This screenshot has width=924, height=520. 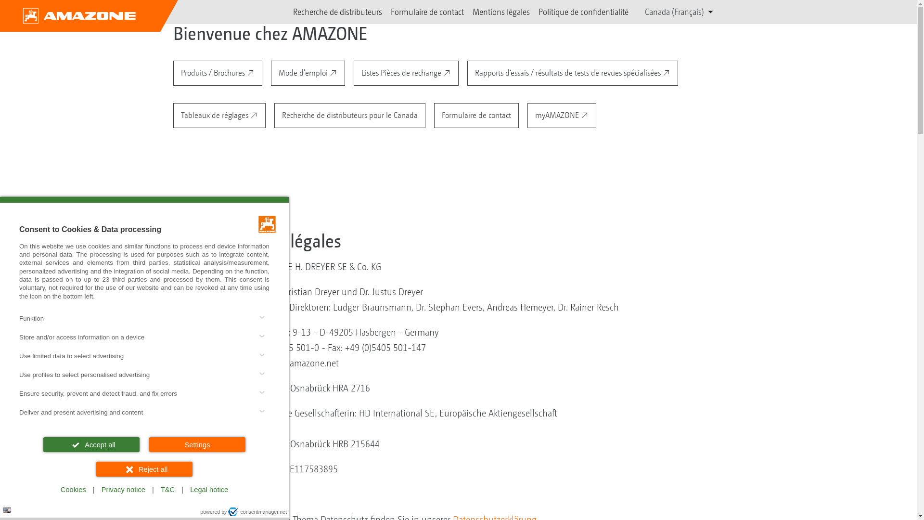 What do you see at coordinates (91, 444) in the screenshot?
I see `'Accept all'` at bounding box center [91, 444].